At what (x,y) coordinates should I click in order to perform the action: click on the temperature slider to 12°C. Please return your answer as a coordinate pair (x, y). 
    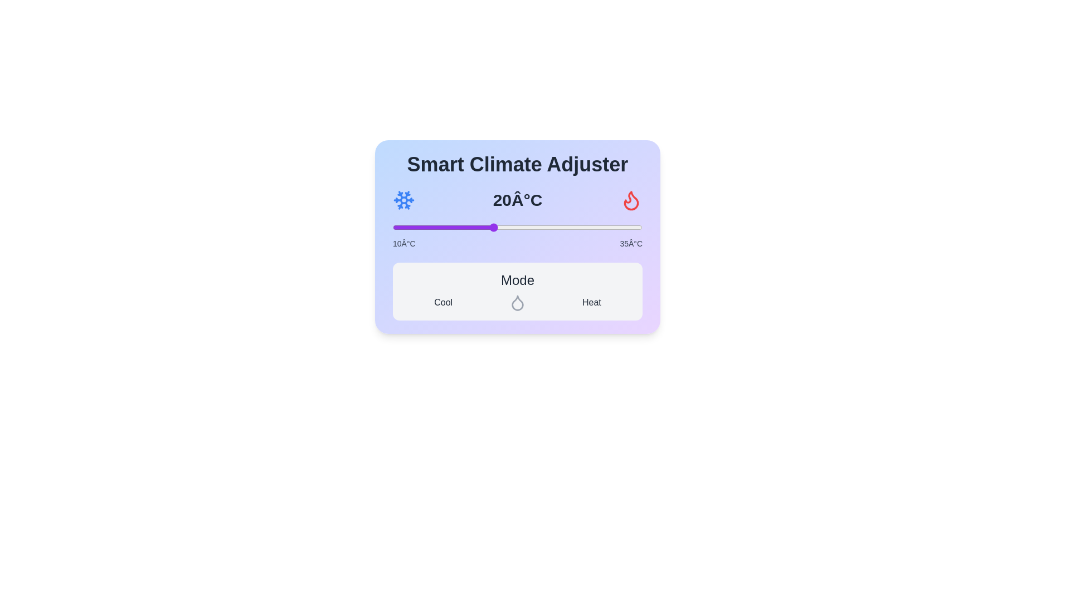
    Looking at the image, I should click on (412, 226).